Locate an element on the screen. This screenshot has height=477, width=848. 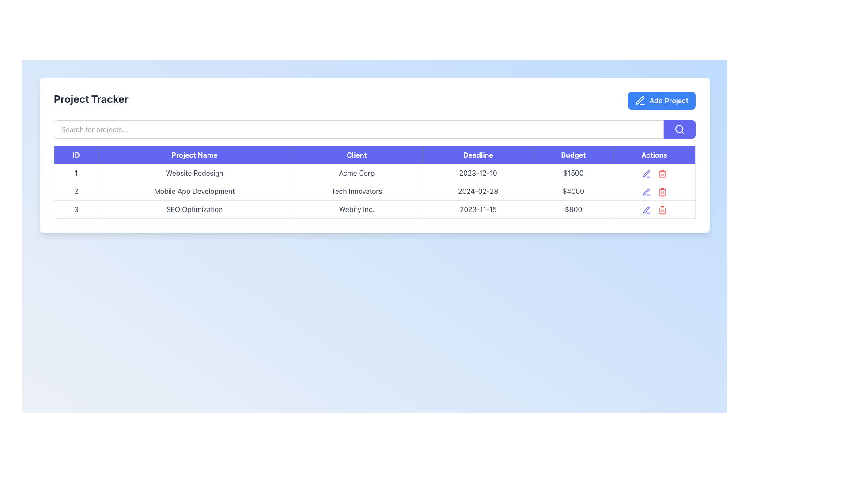
the pen icon located within the blue 'Add Project' button at the top-right corner of the interface is located at coordinates (640, 100).